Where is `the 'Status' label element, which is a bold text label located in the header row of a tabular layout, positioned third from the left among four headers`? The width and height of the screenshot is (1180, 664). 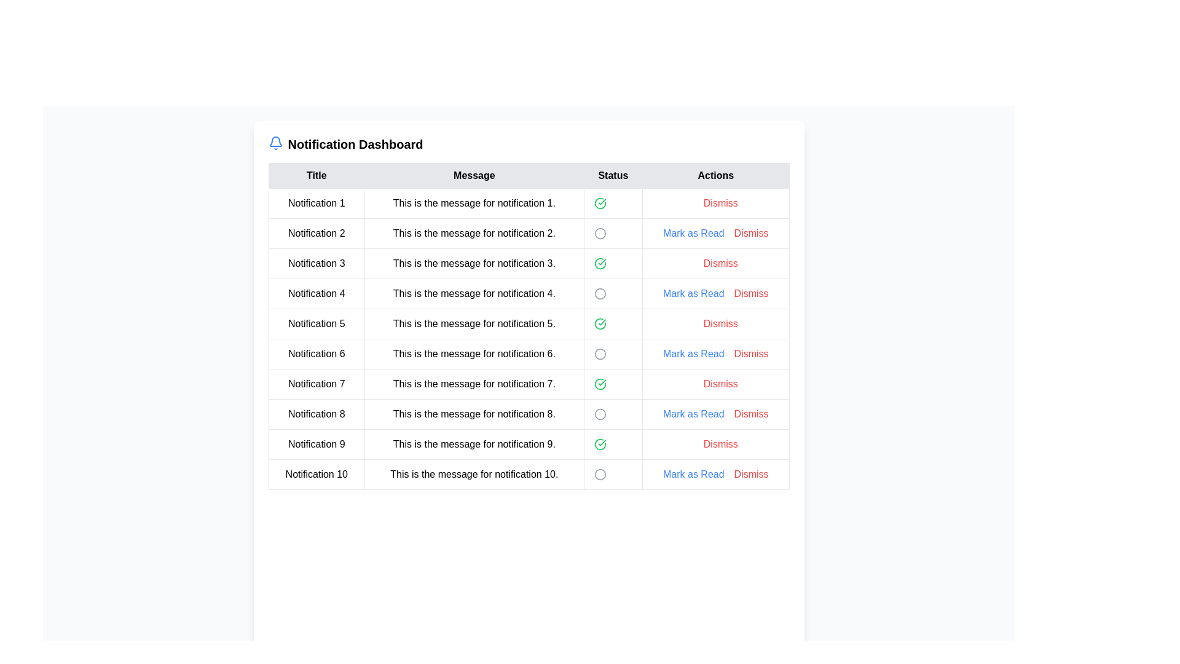
the 'Status' label element, which is a bold text label located in the header row of a tabular layout, positioned third from the left among four headers is located at coordinates (613, 175).